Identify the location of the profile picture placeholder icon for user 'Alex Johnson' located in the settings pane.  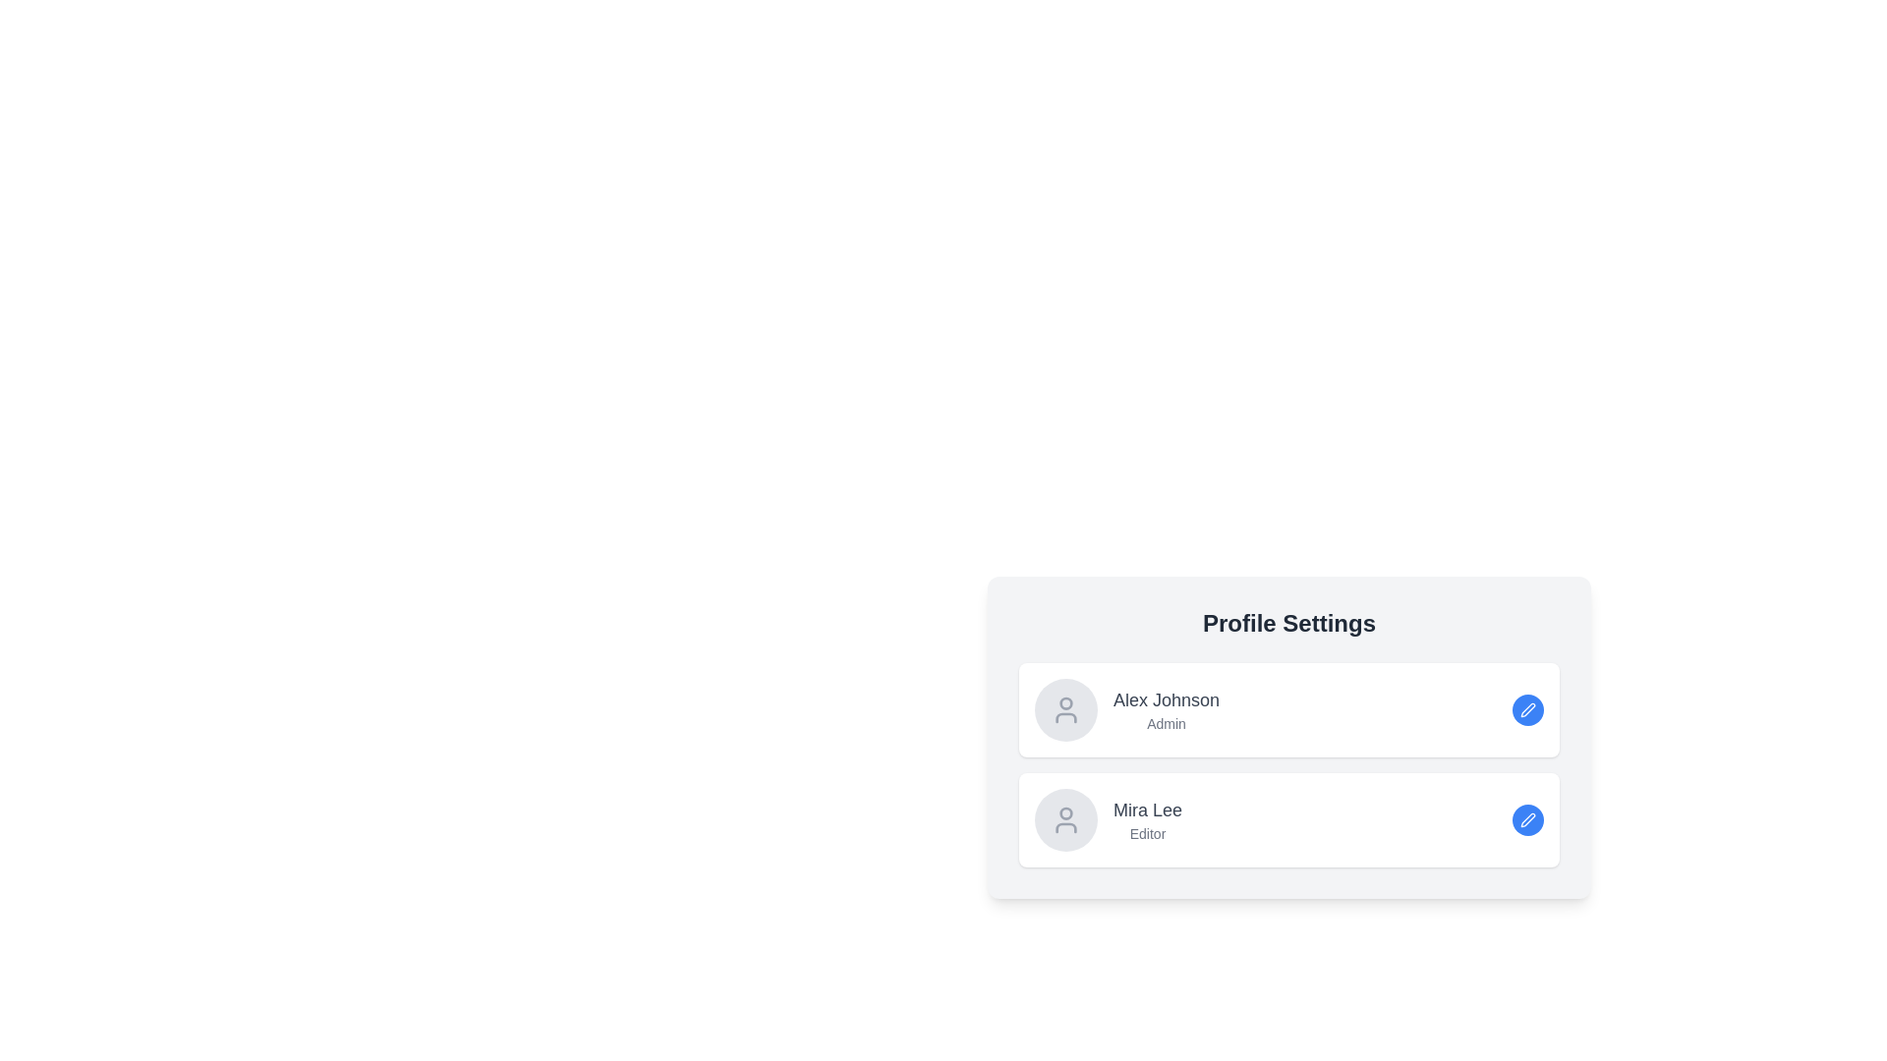
(1064, 709).